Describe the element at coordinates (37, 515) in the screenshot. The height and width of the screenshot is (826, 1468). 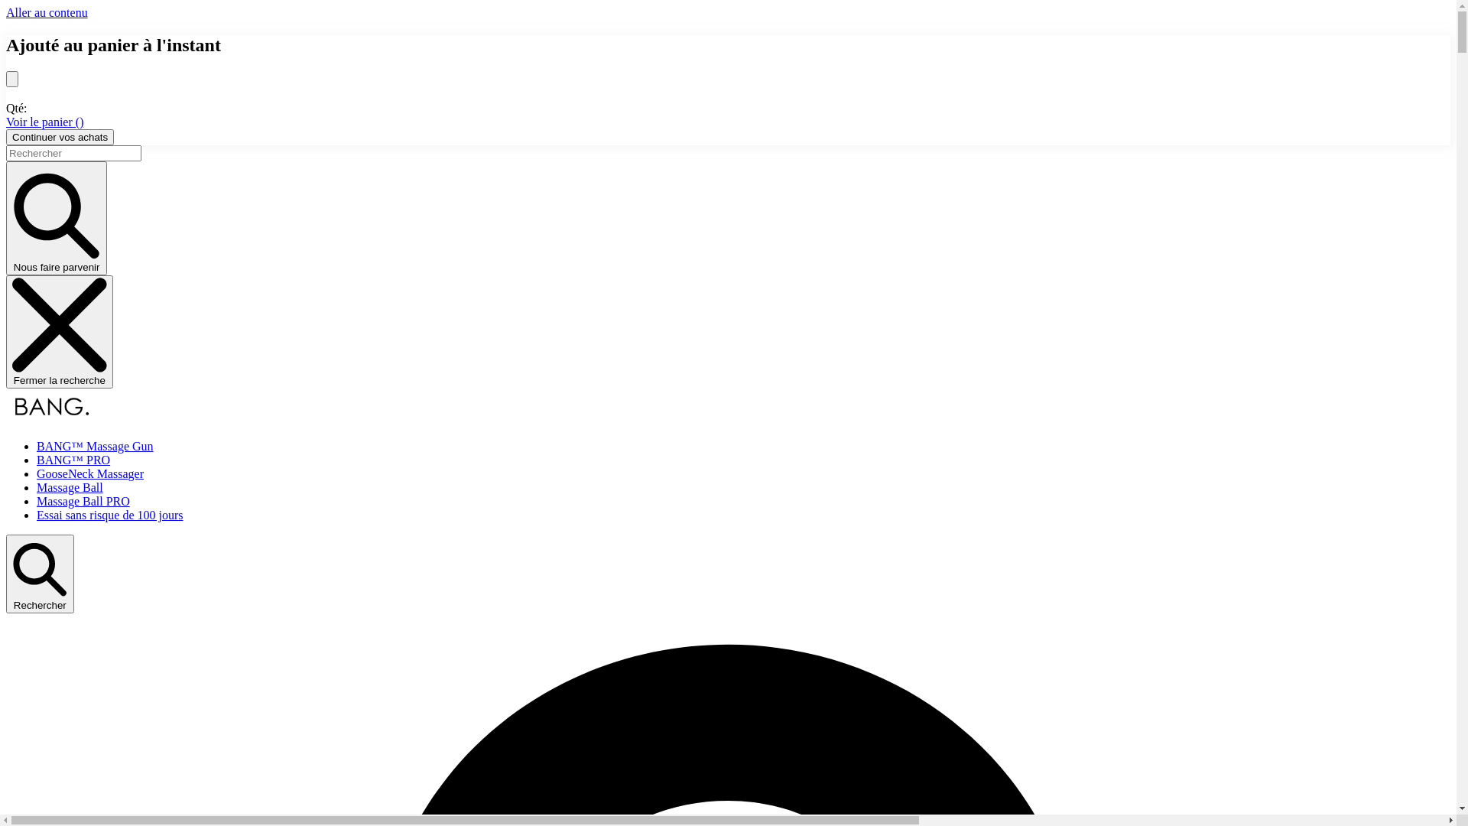
I see `'Essai sans risque de 100 jours'` at that location.